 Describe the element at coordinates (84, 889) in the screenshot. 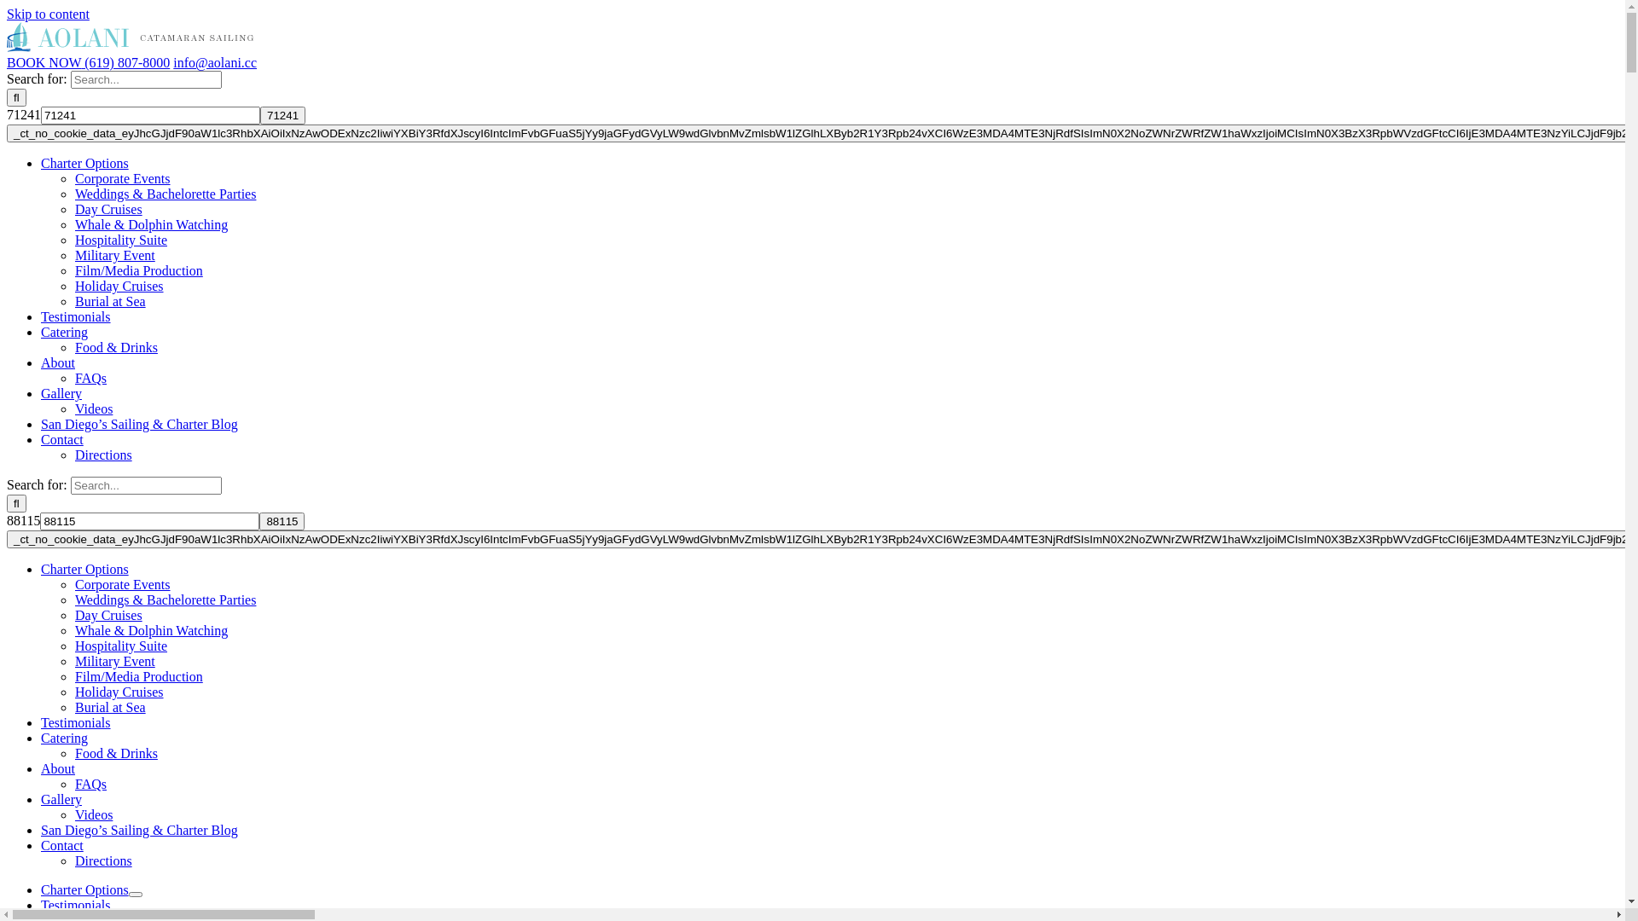

I see `'Charter Options'` at that location.